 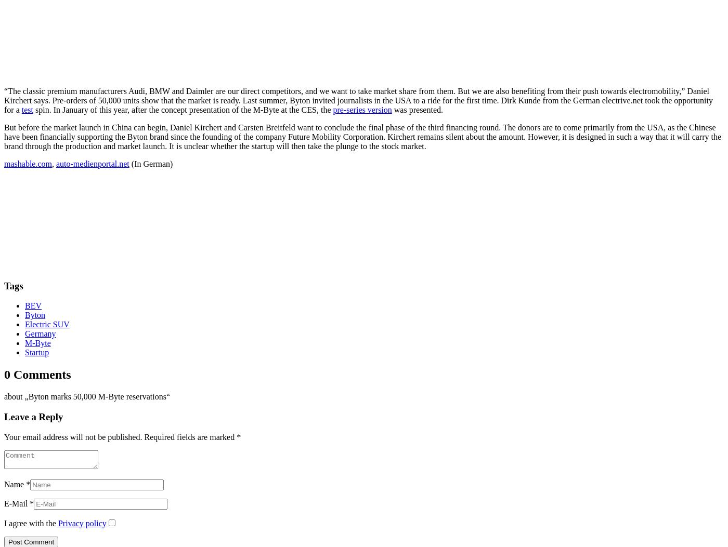 I want to click on 'Byton', so click(x=35, y=315).